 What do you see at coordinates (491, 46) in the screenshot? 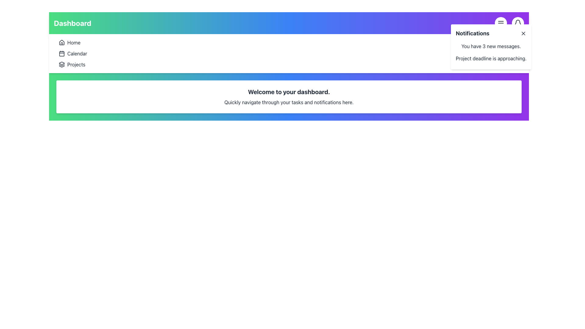
I see `the text label displaying 'You have 3 new messages.' located in the top-right notification pop-up` at bounding box center [491, 46].